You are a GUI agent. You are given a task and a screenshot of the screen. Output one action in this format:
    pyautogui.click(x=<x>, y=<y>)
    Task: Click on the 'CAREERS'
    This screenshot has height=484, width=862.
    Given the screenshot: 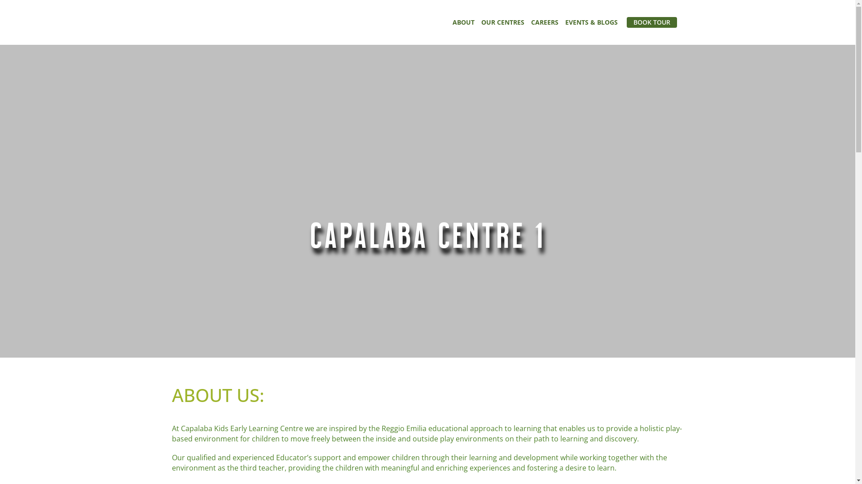 What is the action you would take?
    pyautogui.click(x=544, y=22)
    